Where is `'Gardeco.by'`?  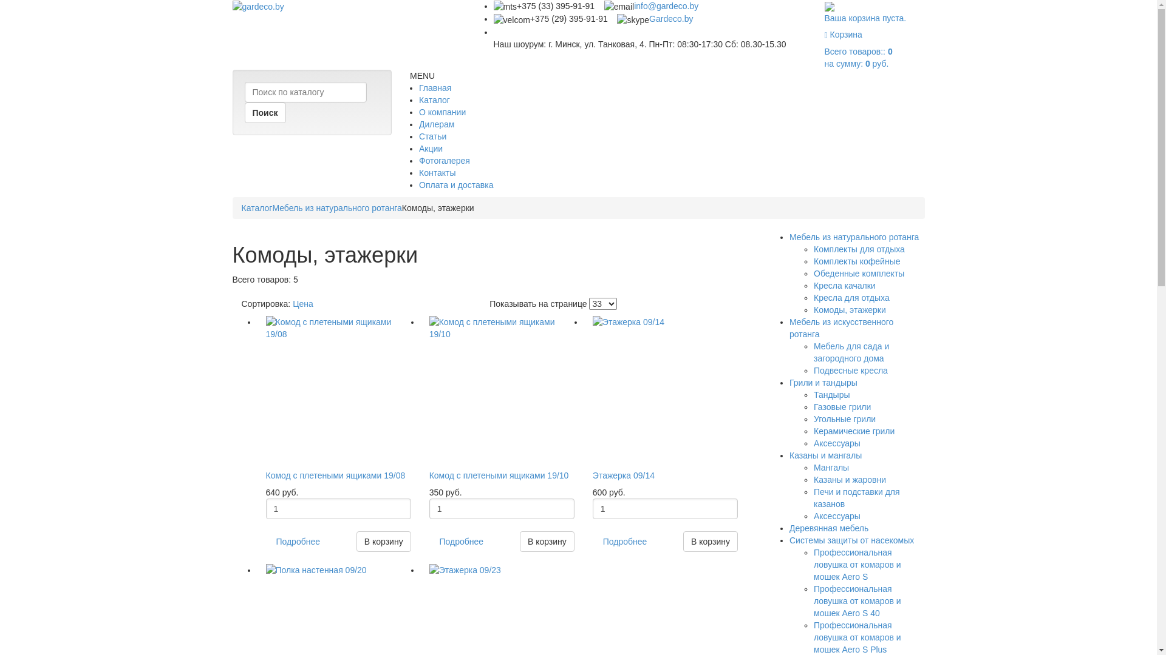 'Gardeco.by' is located at coordinates (670, 18).